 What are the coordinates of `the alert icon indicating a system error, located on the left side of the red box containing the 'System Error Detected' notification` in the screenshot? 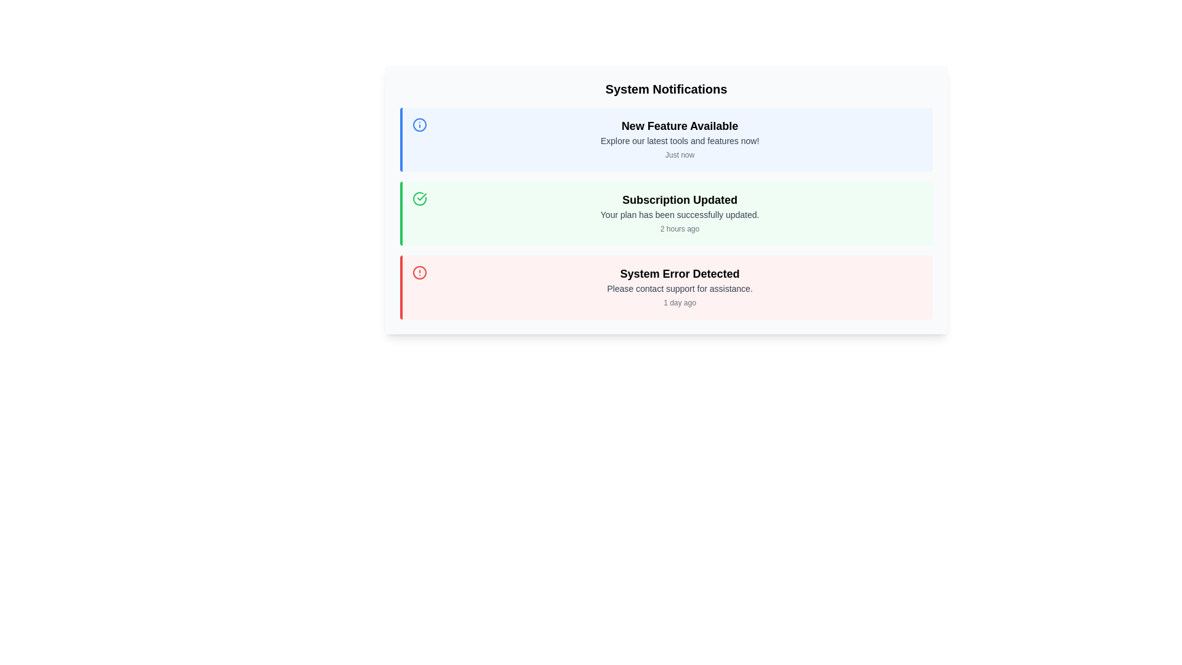 It's located at (419, 287).